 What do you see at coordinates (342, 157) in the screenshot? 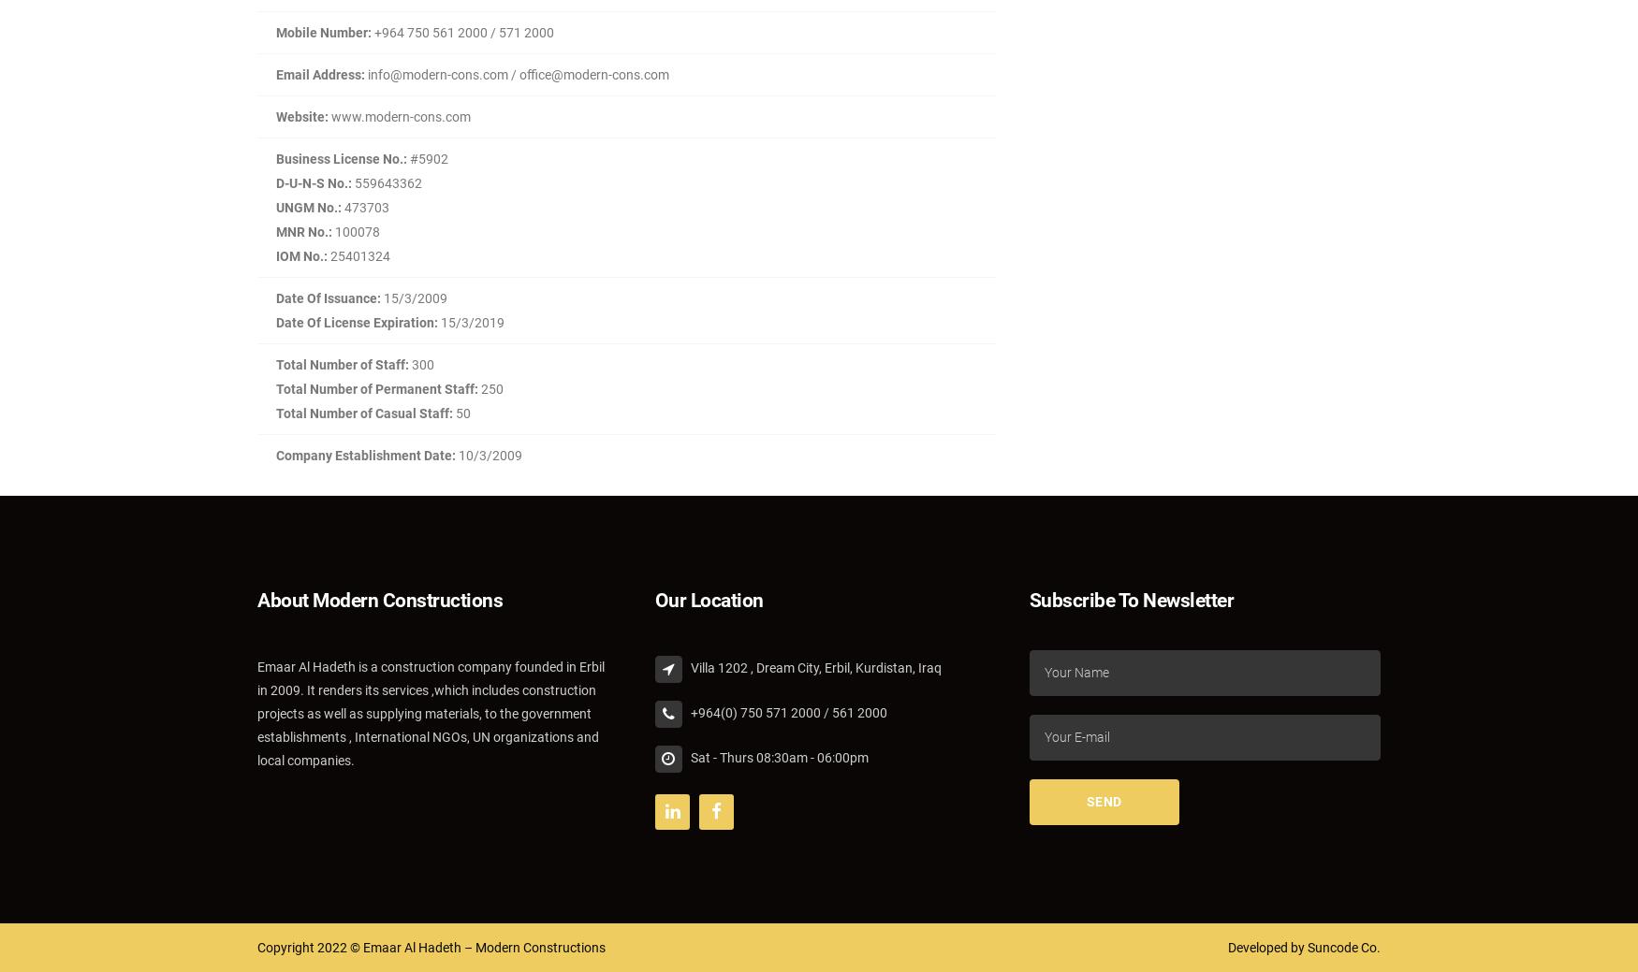
I see `'Business License No.:'` at bounding box center [342, 157].